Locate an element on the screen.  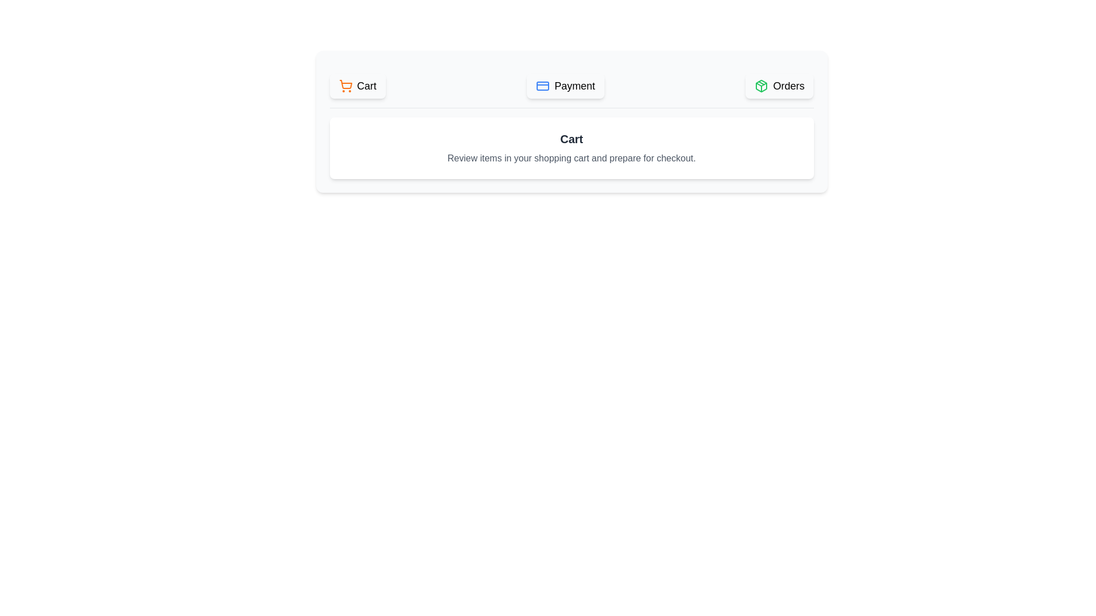
the button labeled Orders to observe its hover effect is located at coordinates (779, 85).